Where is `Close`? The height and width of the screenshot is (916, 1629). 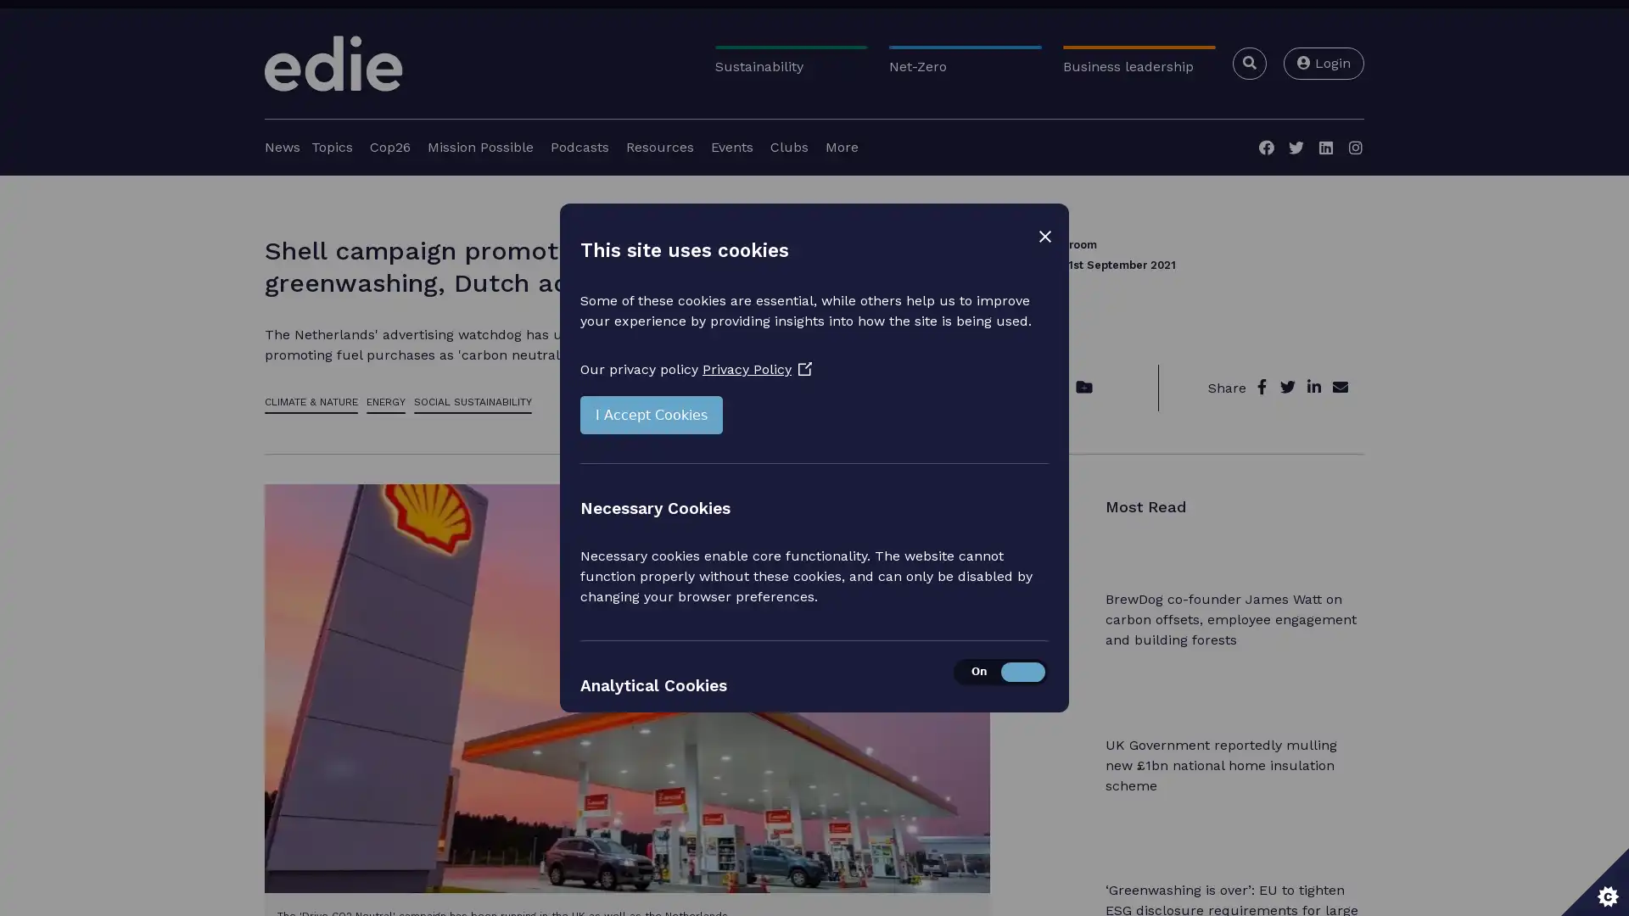 Close is located at coordinates (1044, 236).